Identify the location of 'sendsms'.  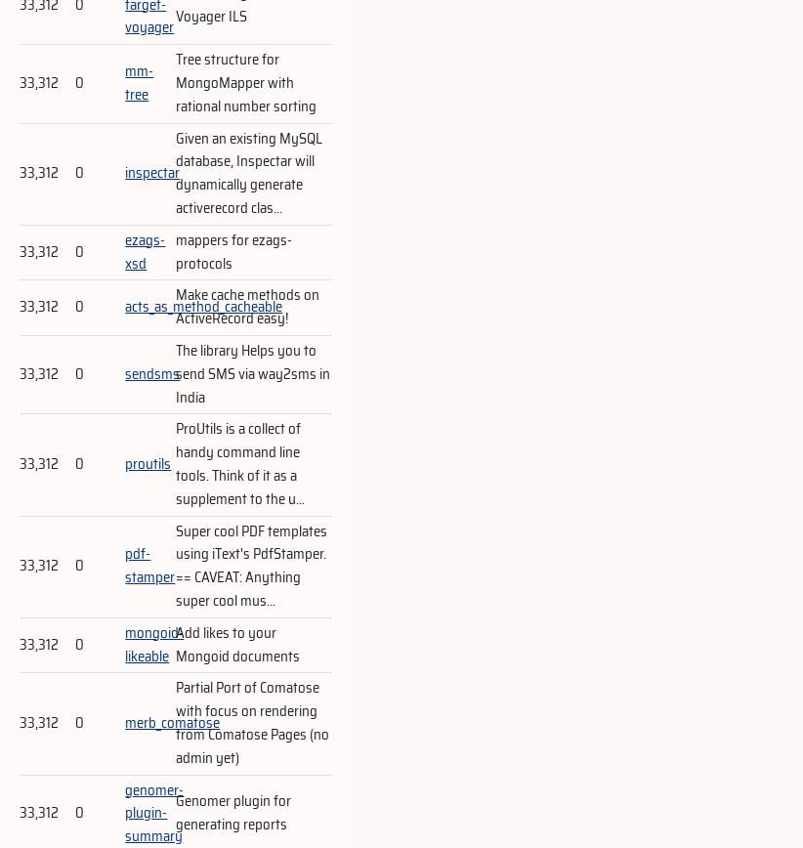
(152, 373).